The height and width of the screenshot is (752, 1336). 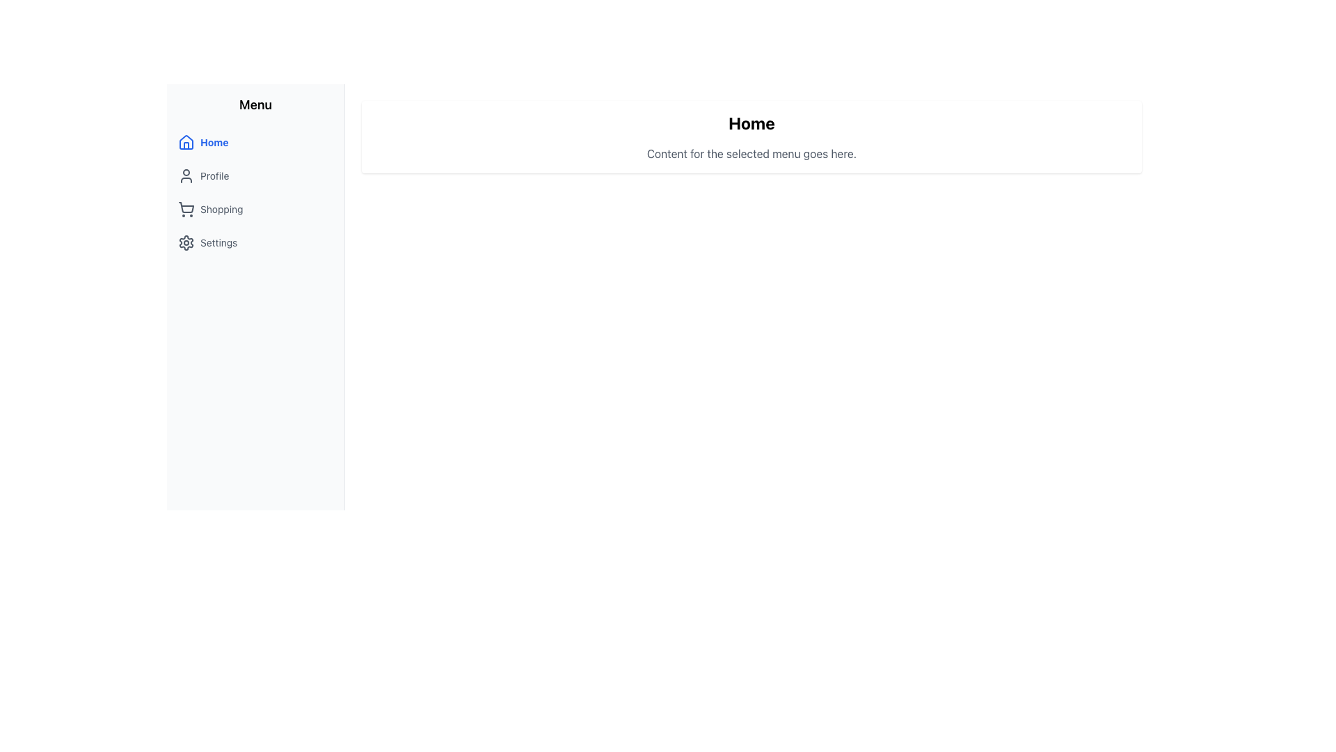 What do you see at coordinates (186, 209) in the screenshot?
I see `the shopping cart icon located in the sidebar menu under the 'Shopping' label, which is represented by a minimalist black outline` at bounding box center [186, 209].